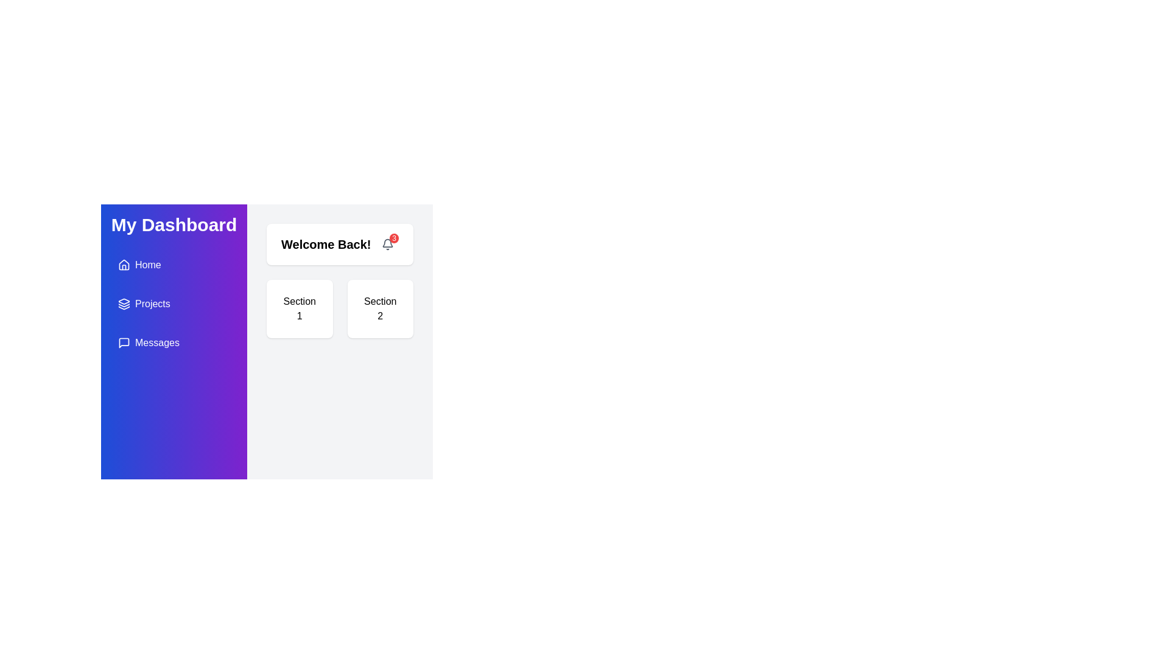  I want to click on the third item in the vertically arranged sidebar labeled 'Messages', so click(174, 342).